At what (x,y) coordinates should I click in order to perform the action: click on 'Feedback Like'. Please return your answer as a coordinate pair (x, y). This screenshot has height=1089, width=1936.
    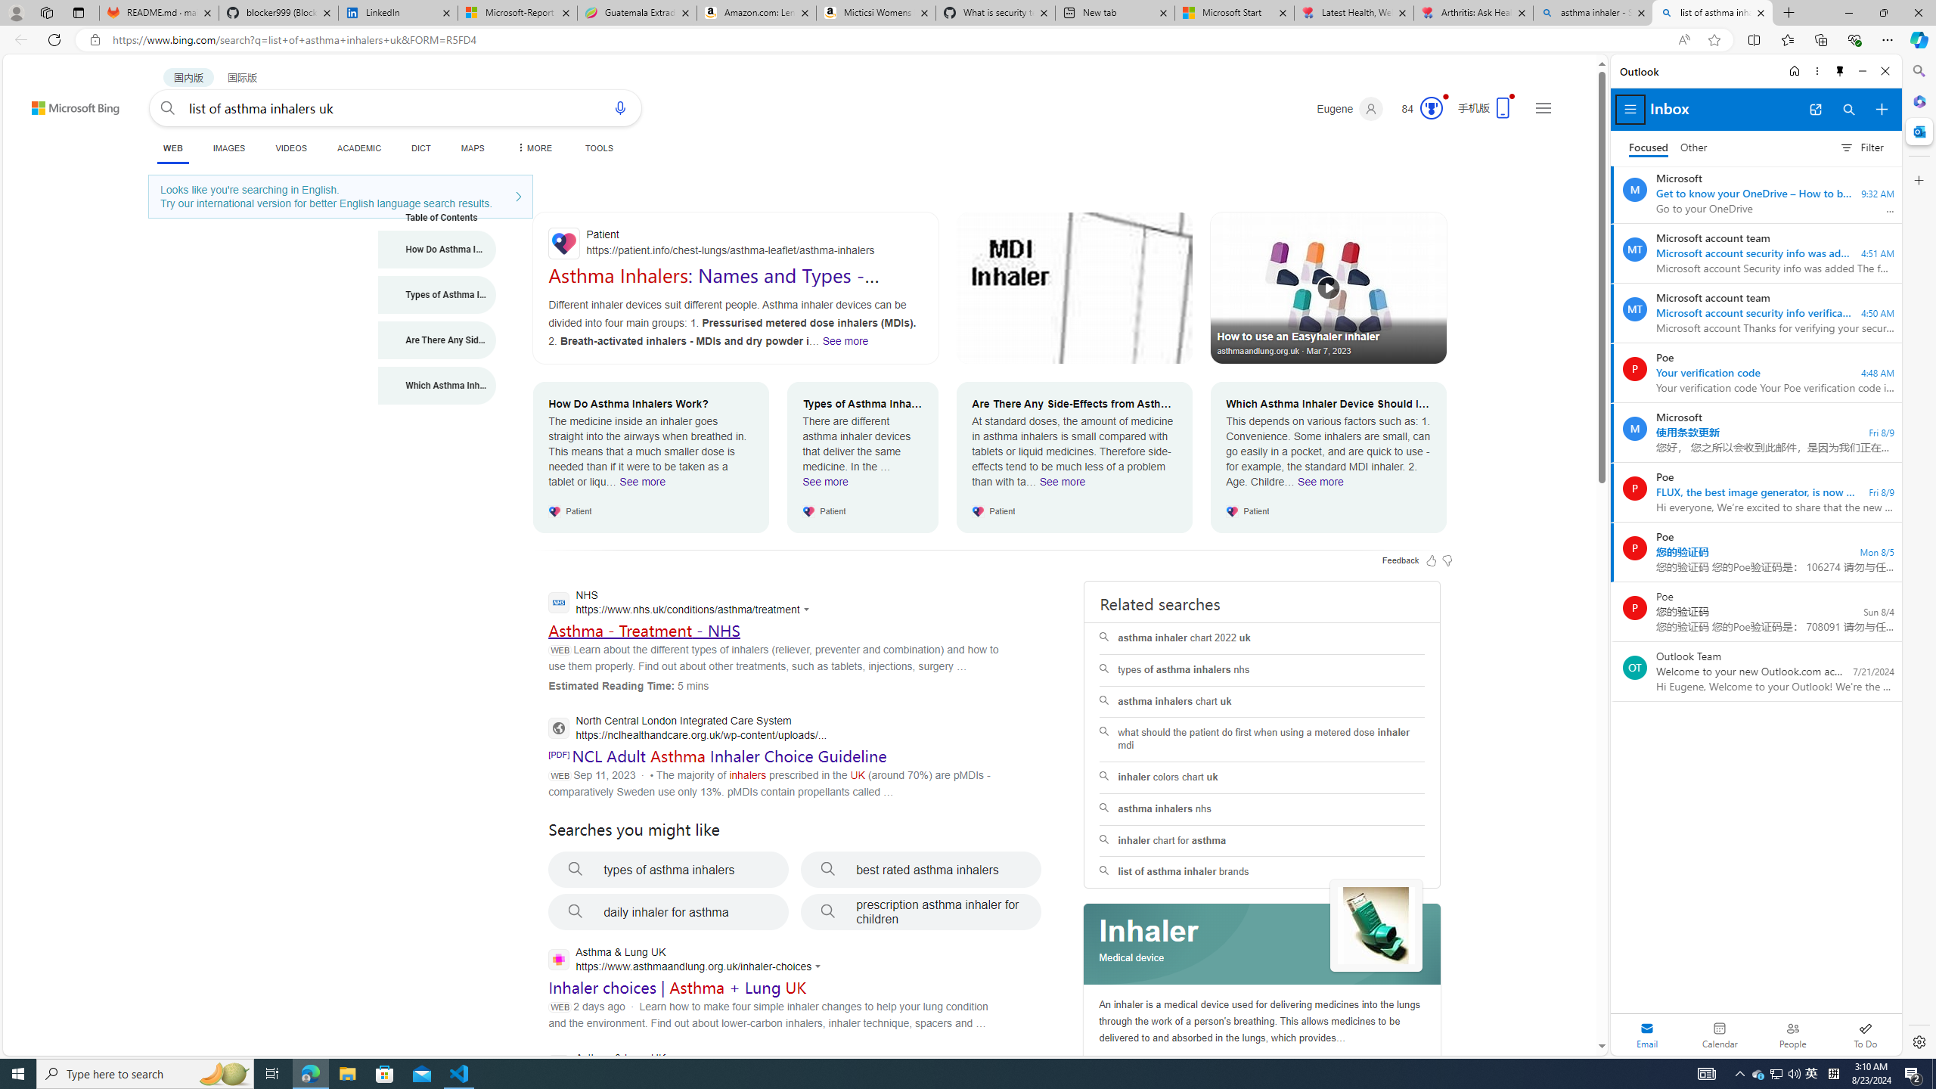
    Looking at the image, I should click on (1431, 559).